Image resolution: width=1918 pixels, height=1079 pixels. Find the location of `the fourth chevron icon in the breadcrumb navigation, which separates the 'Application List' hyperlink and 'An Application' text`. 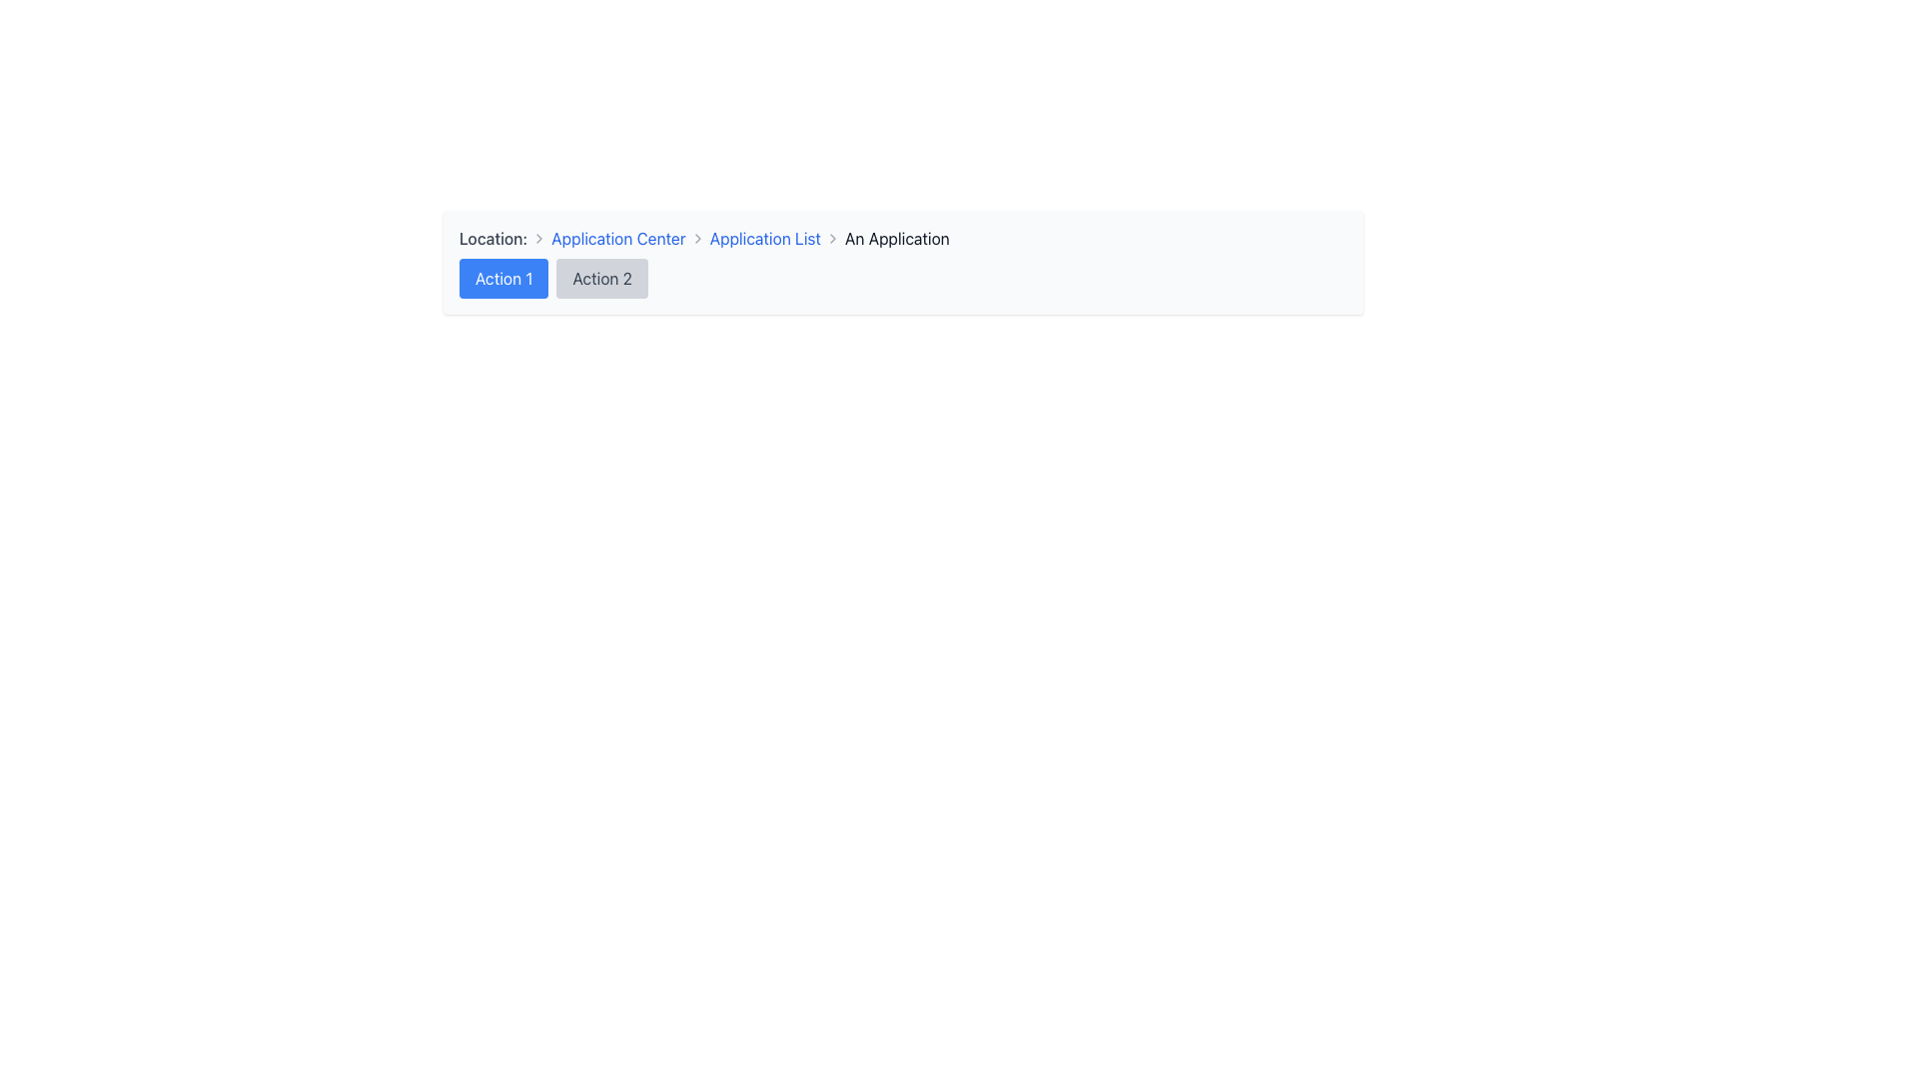

the fourth chevron icon in the breadcrumb navigation, which separates the 'Application List' hyperlink and 'An Application' text is located at coordinates (832, 238).